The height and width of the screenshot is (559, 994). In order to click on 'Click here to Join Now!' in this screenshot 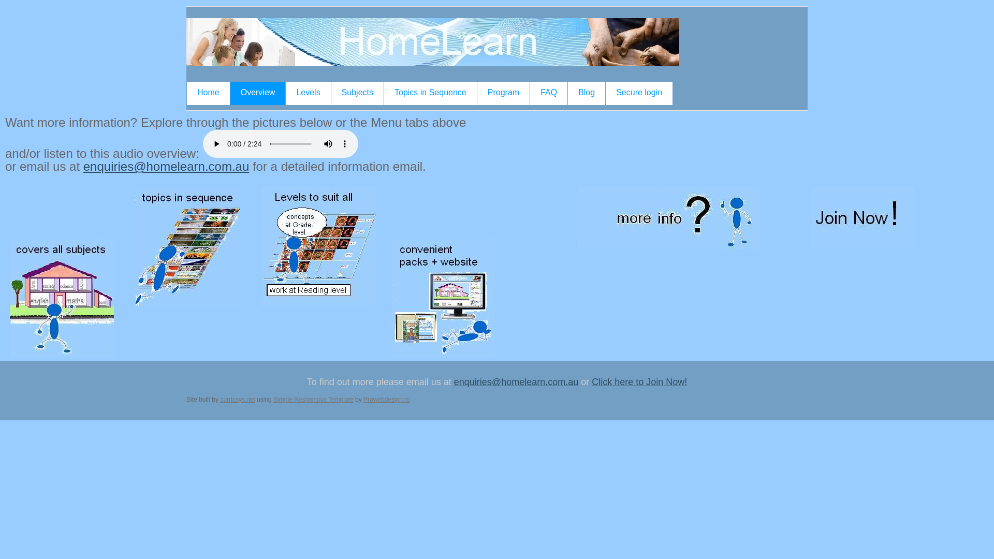, I will do `click(638, 381)`.